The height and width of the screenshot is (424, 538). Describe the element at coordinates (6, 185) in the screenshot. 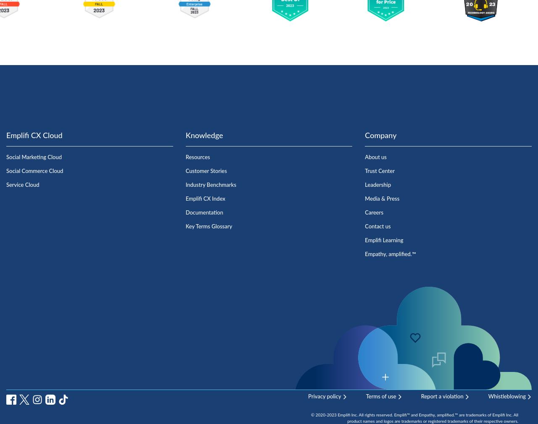

I see `'Service Cloud'` at that location.